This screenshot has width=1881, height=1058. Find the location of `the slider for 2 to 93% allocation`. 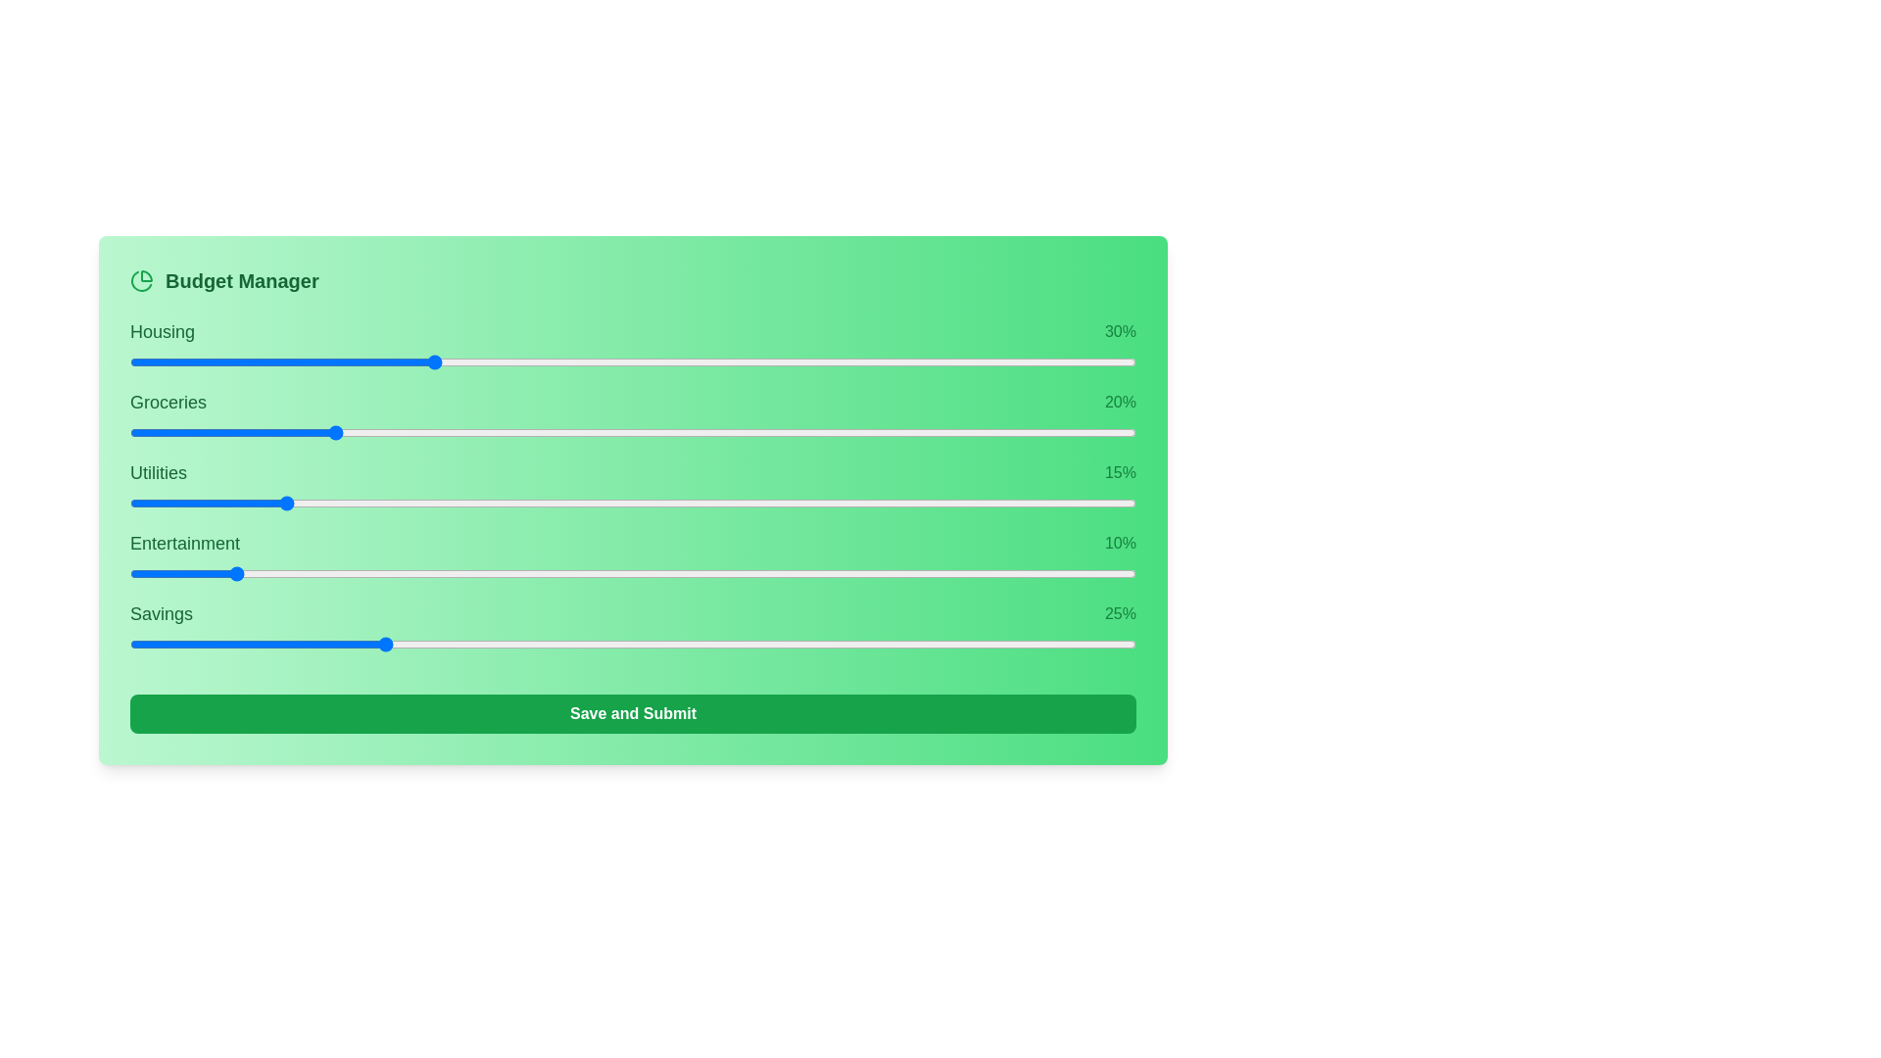

the slider for 2 to 93% allocation is located at coordinates (1100, 502).